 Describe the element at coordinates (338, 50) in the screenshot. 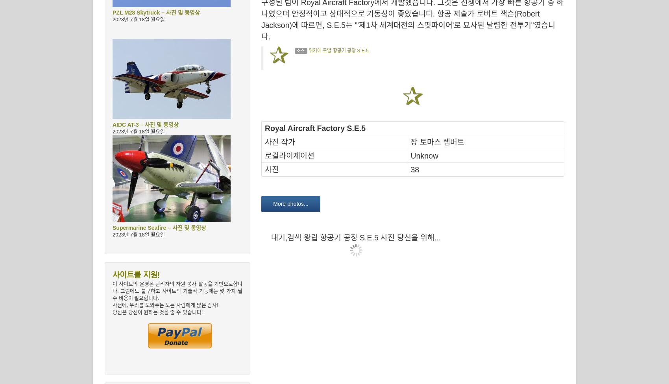

I see `'위키에 로얄 항공기 공장 S.E.5'` at that location.